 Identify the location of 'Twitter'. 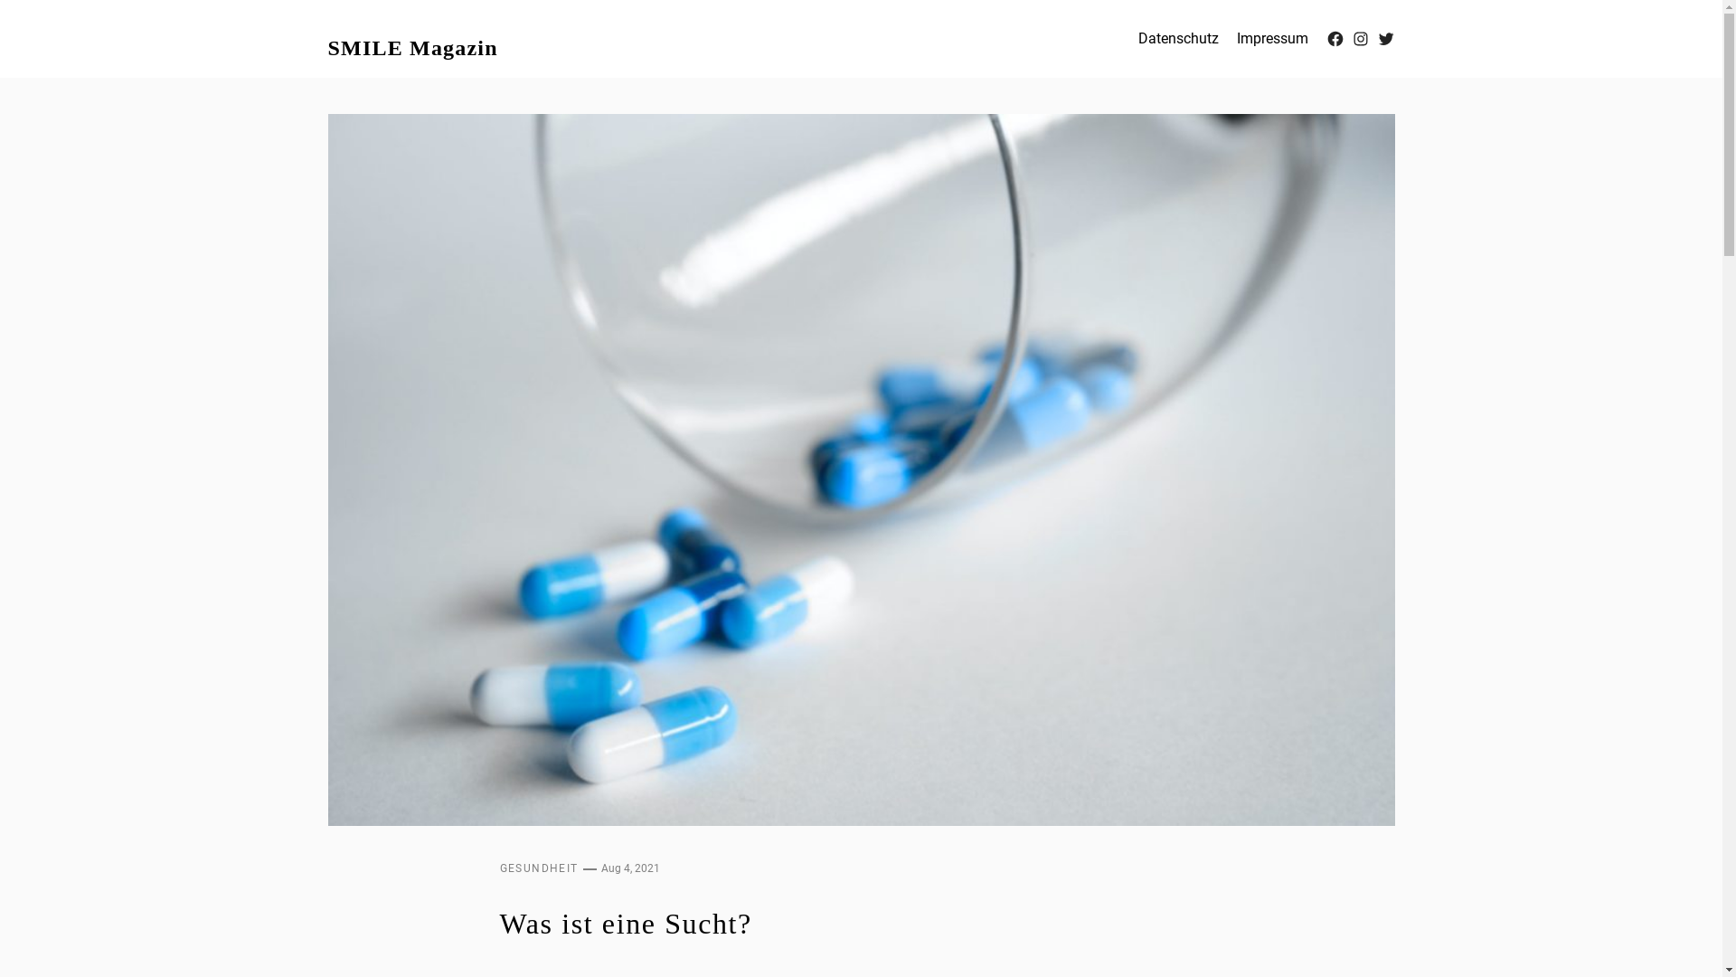
(1383, 38).